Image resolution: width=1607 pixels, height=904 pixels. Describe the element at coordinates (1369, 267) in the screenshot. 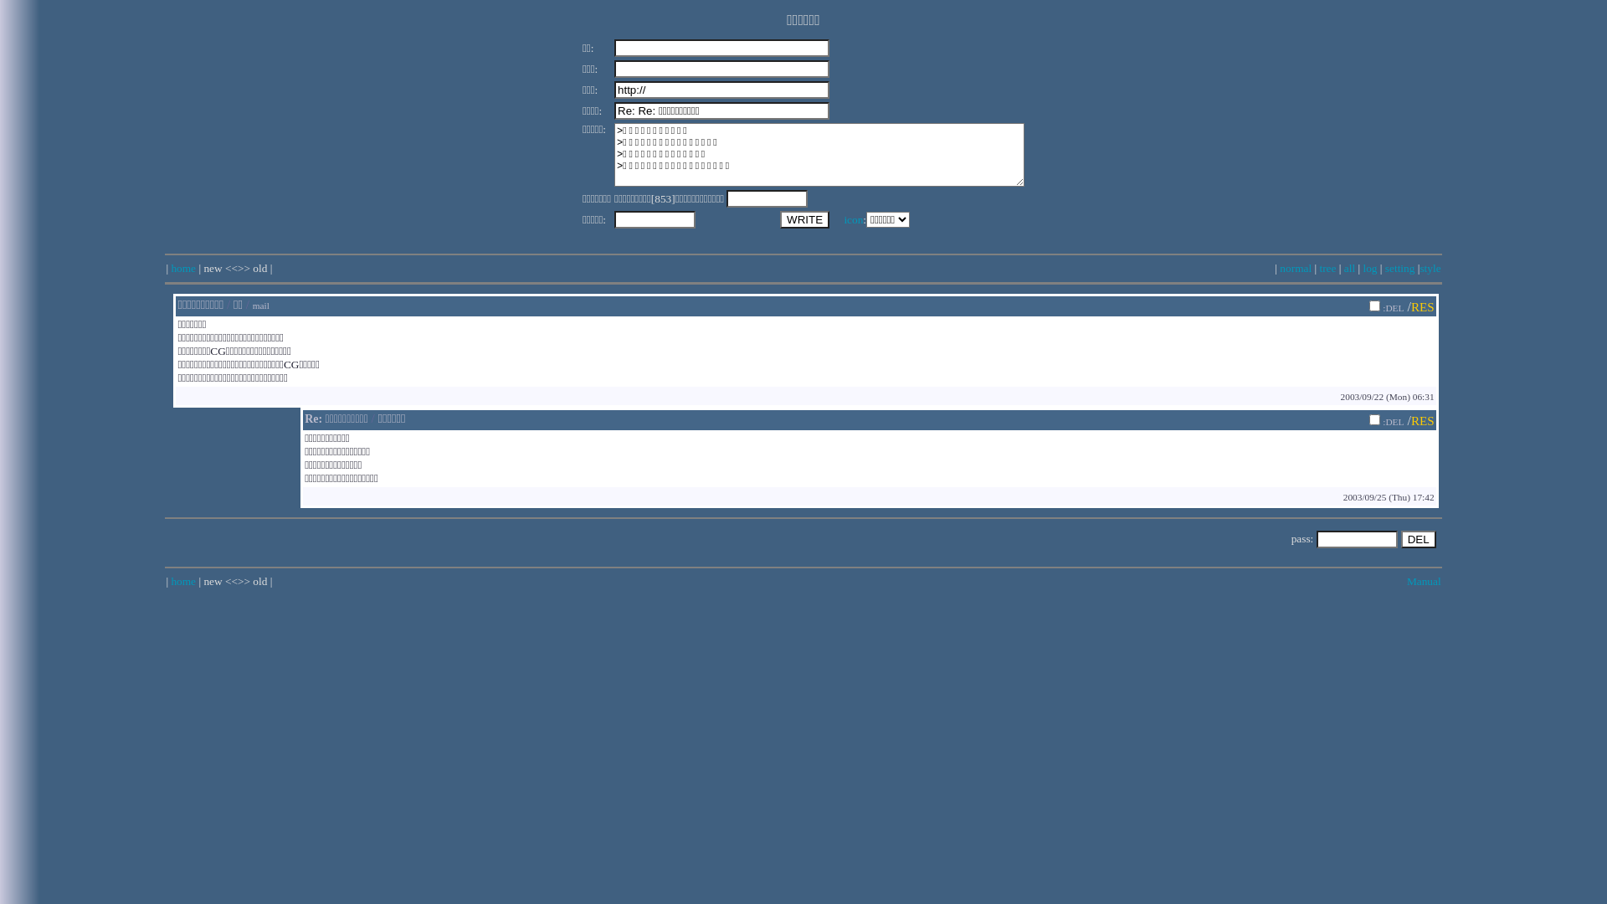

I see `'log'` at that location.